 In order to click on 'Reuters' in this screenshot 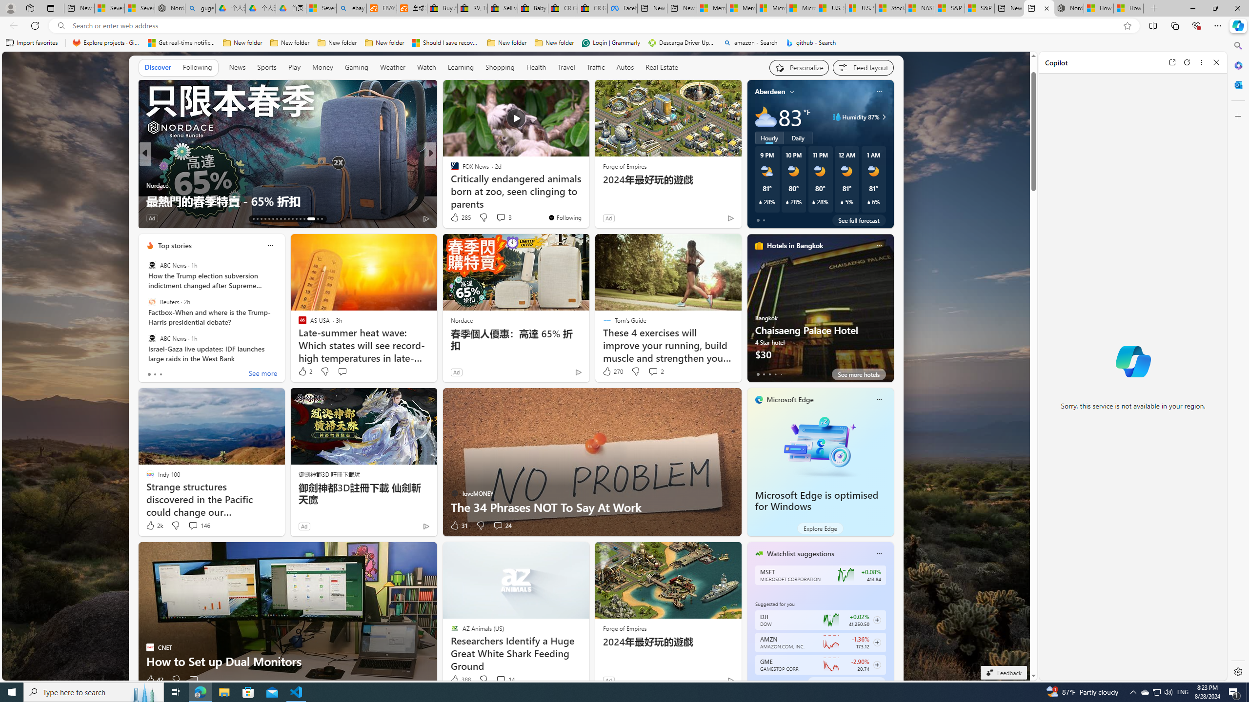, I will do `click(151, 301)`.